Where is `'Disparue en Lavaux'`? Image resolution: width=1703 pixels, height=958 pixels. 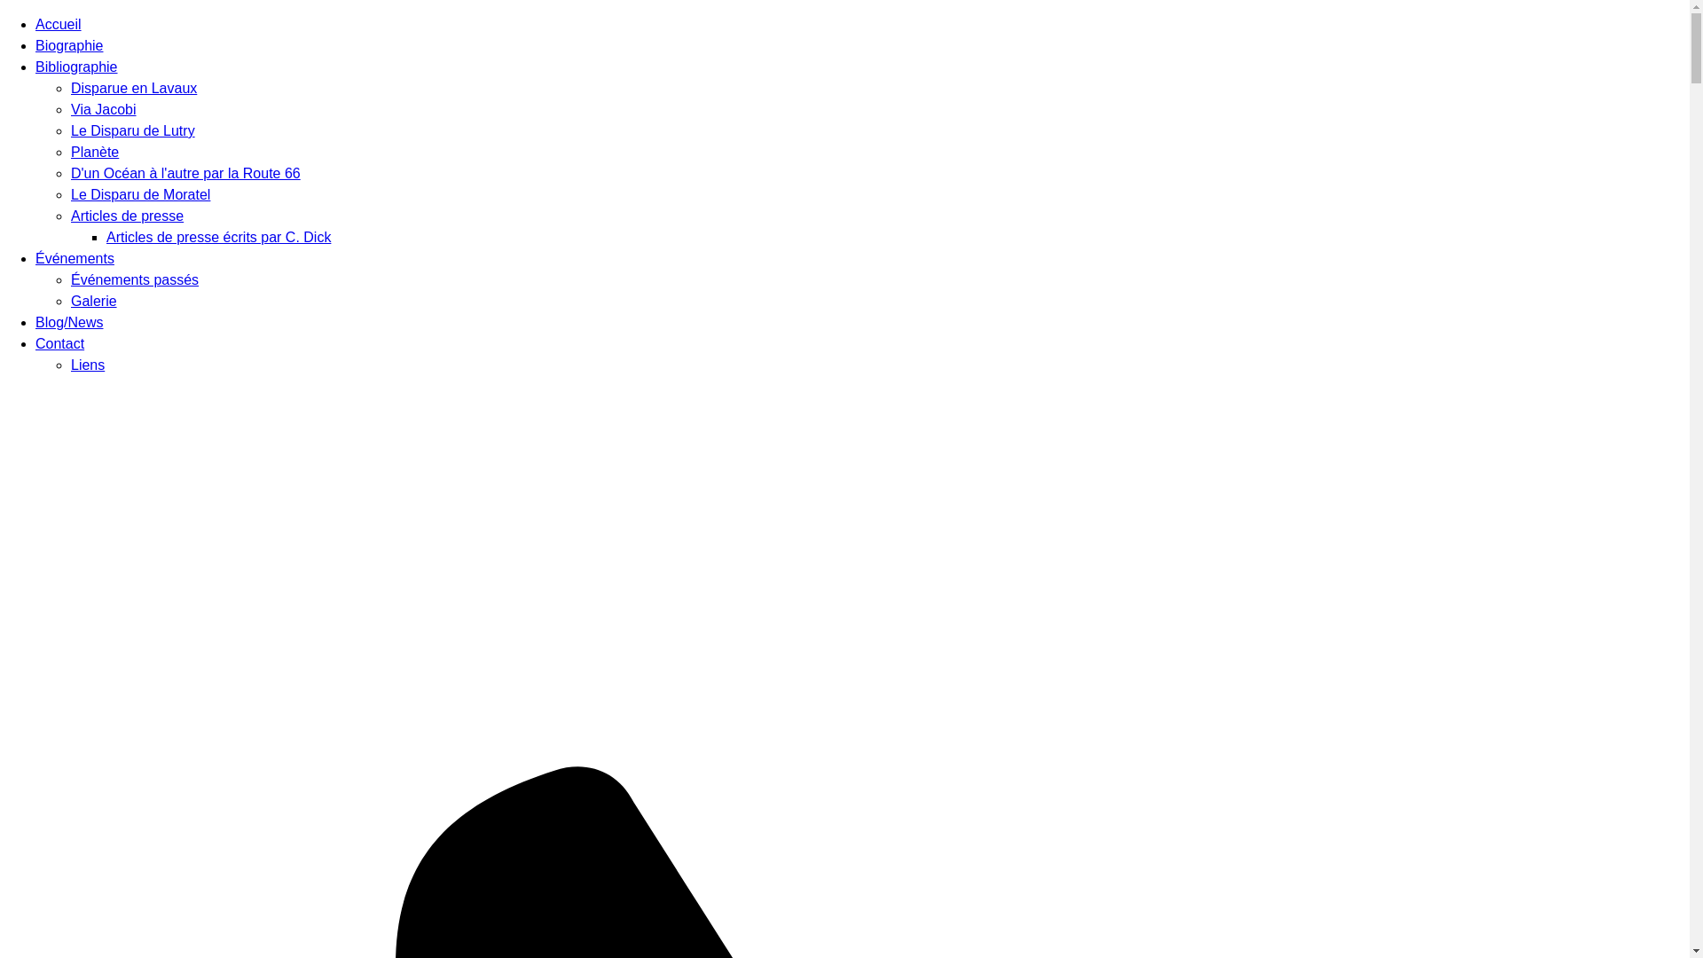
'Disparue en Lavaux' is located at coordinates (132, 88).